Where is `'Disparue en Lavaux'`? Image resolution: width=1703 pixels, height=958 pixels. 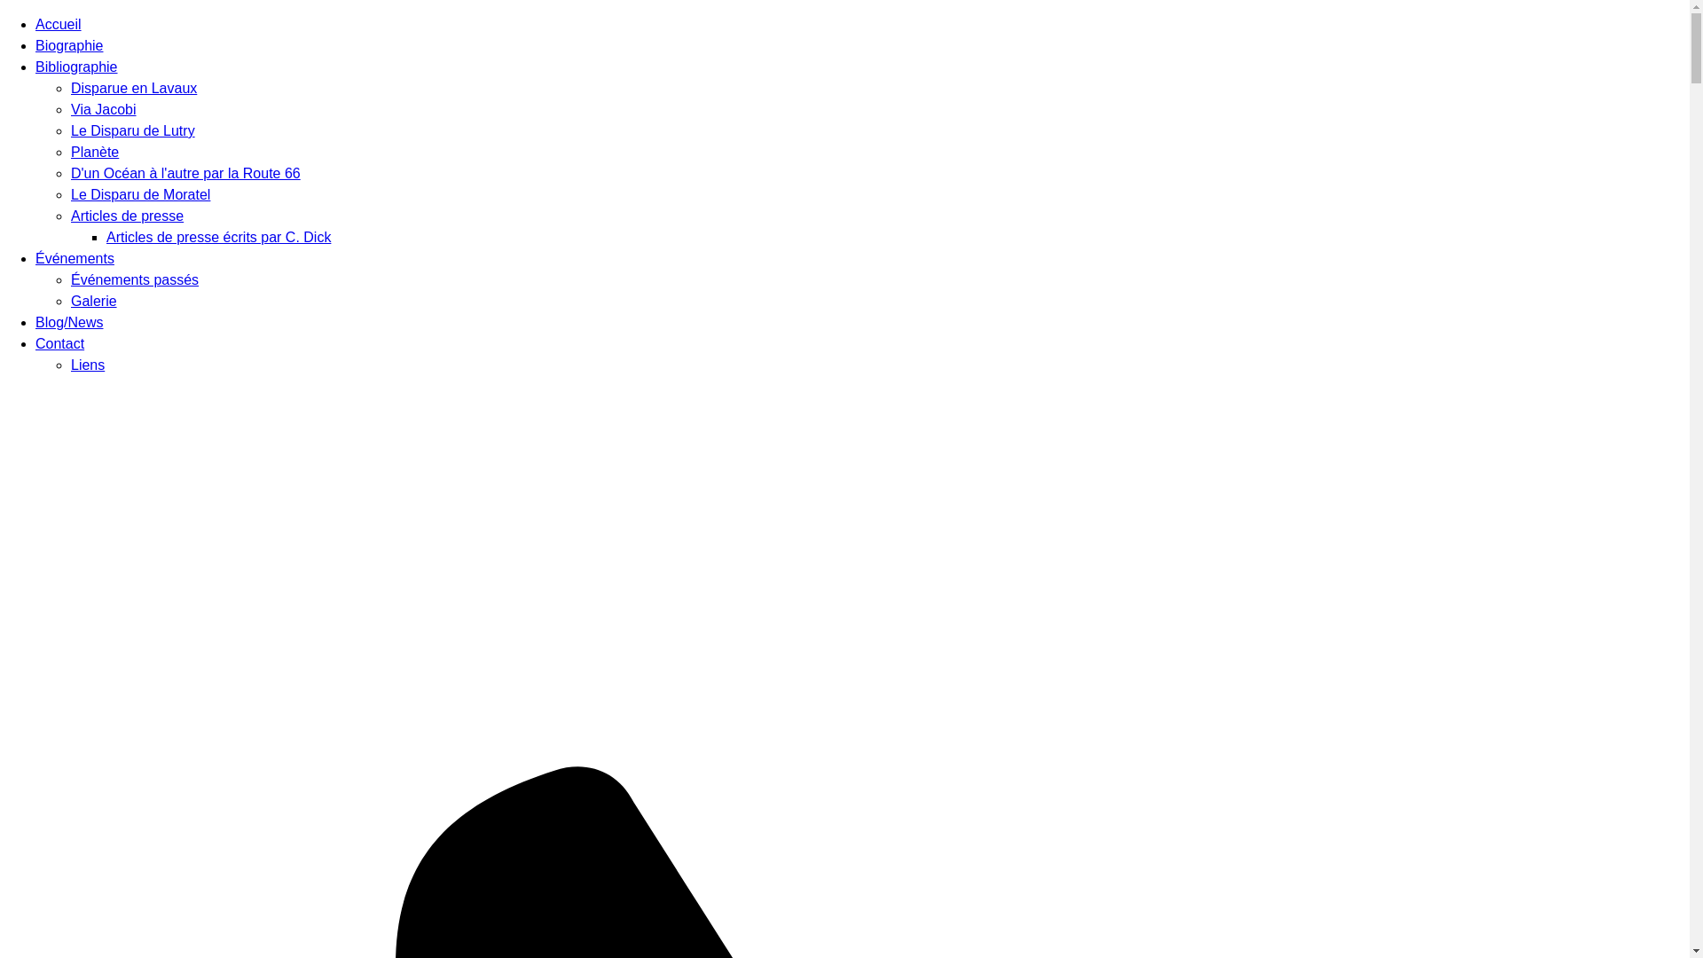
'Disparue en Lavaux' is located at coordinates (132, 88).